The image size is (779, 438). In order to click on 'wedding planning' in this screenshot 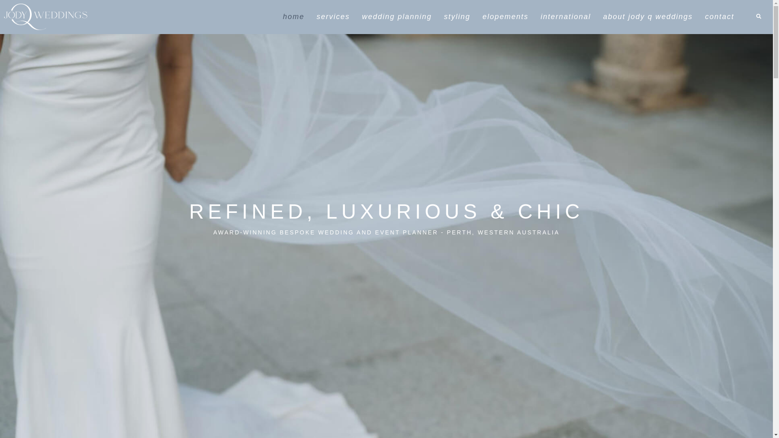, I will do `click(397, 17)`.